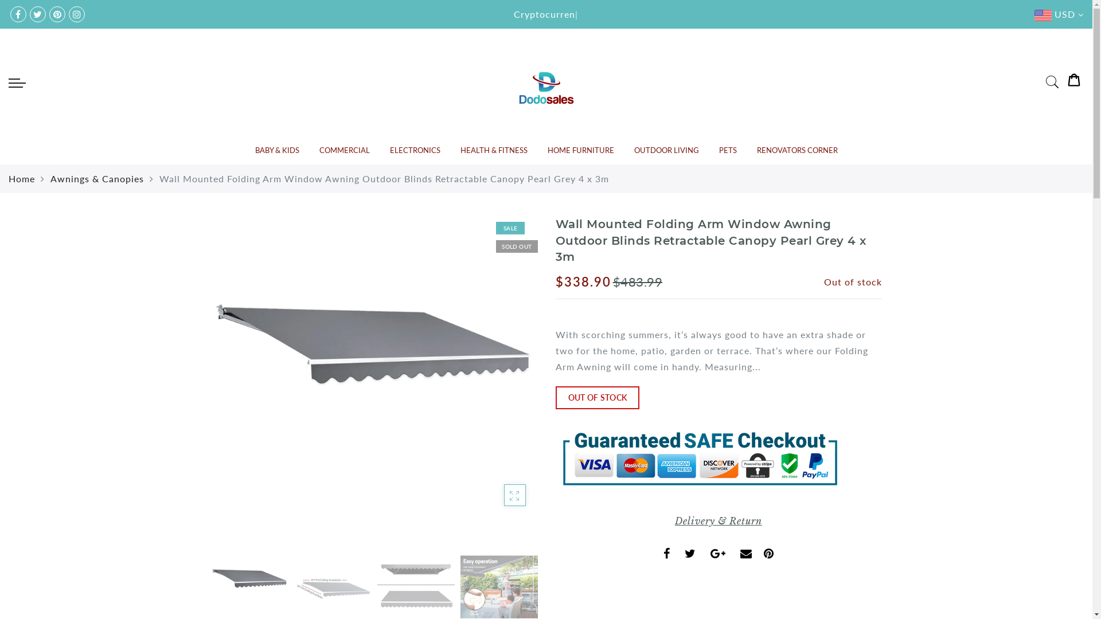 The height and width of the screenshot is (619, 1101). What do you see at coordinates (415, 150) in the screenshot?
I see `'ELECTRONICS'` at bounding box center [415, 150].